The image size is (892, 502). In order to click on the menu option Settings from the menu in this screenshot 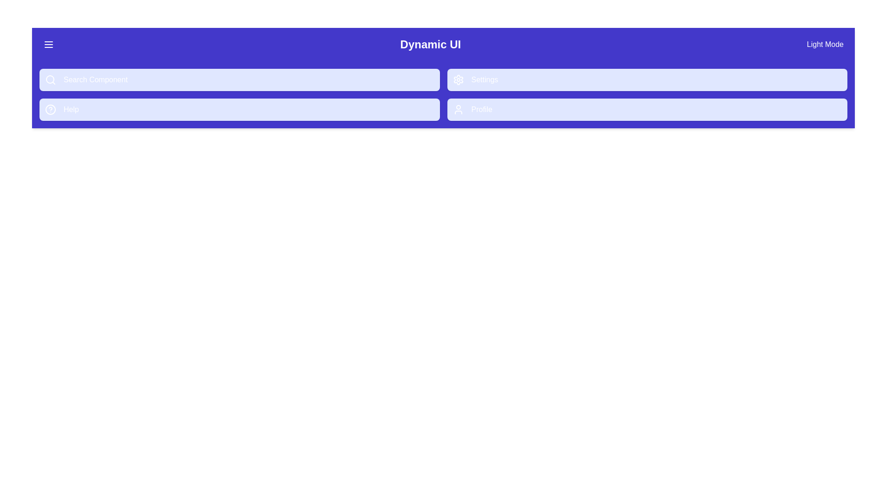, I will do `click(647, 79)`.